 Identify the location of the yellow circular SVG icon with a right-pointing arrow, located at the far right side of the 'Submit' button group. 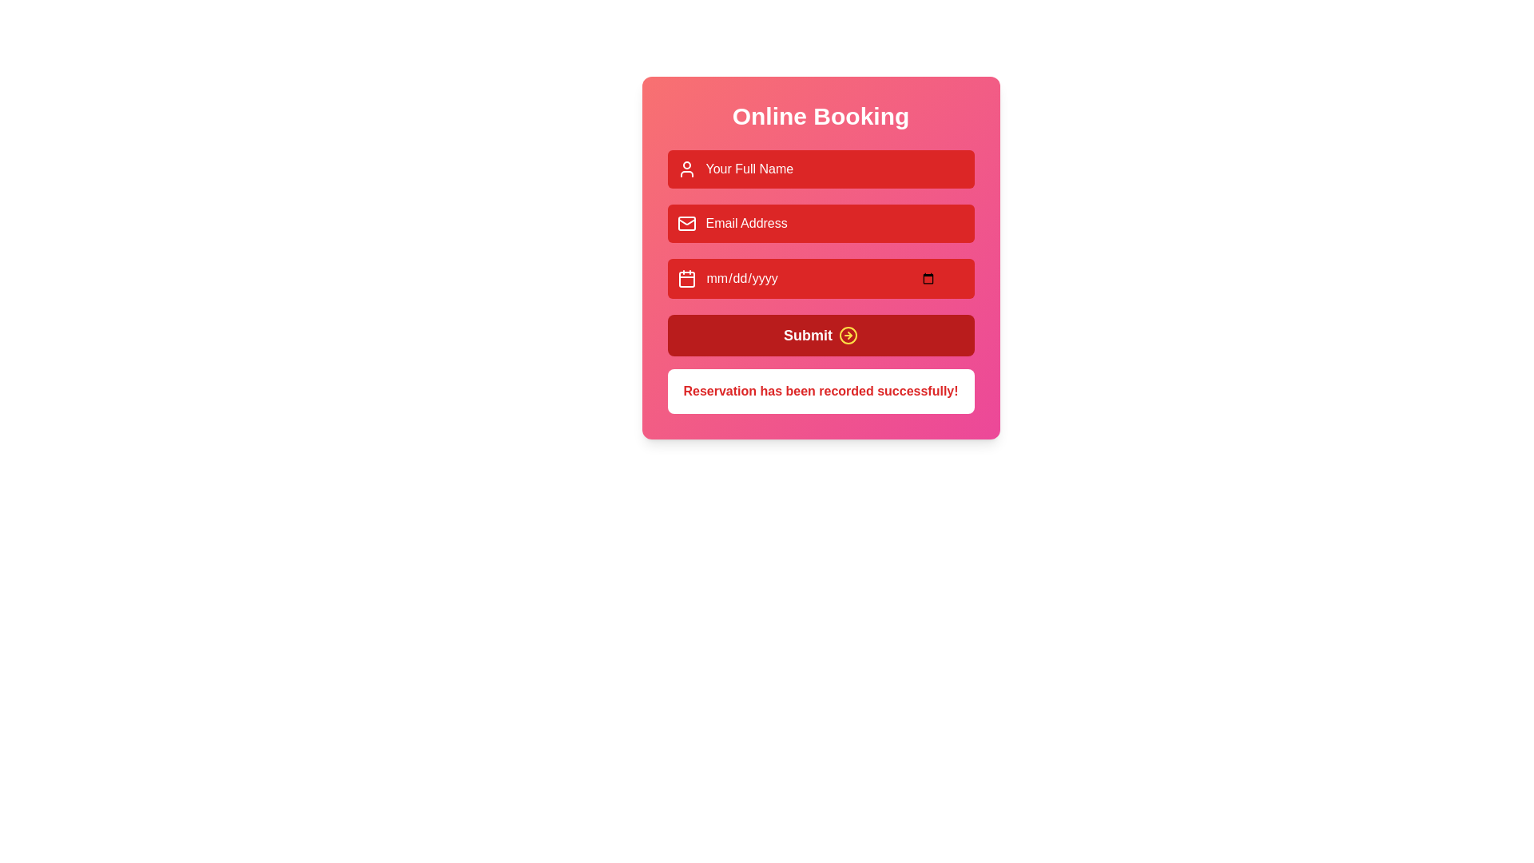
(847, 335).